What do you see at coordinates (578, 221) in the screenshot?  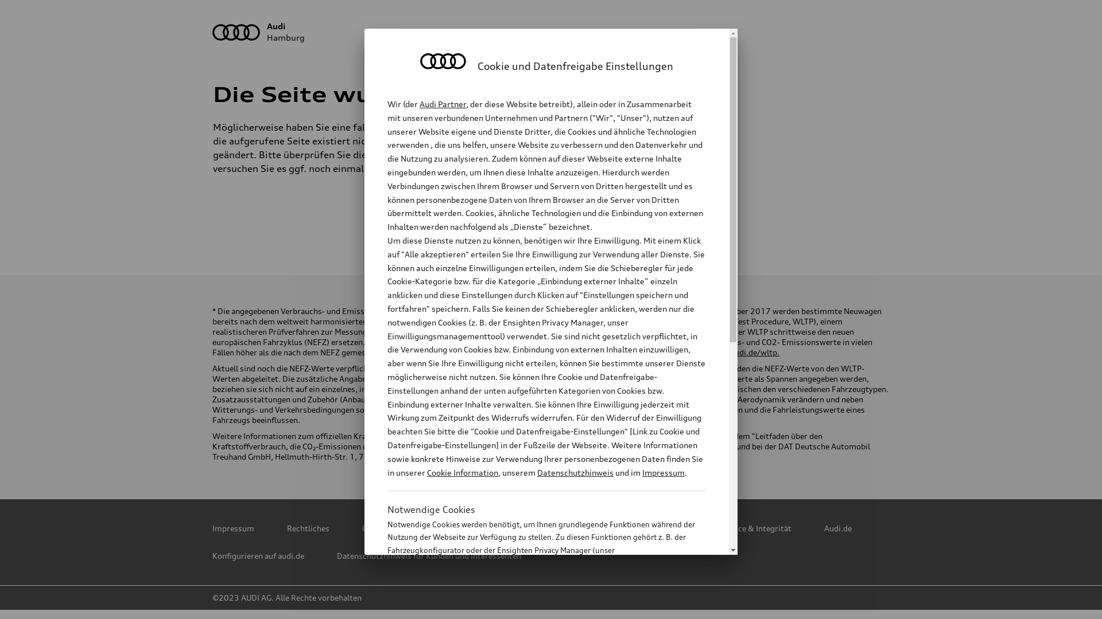 I see `'LinkedIn'` at bounding box center [578, 221].